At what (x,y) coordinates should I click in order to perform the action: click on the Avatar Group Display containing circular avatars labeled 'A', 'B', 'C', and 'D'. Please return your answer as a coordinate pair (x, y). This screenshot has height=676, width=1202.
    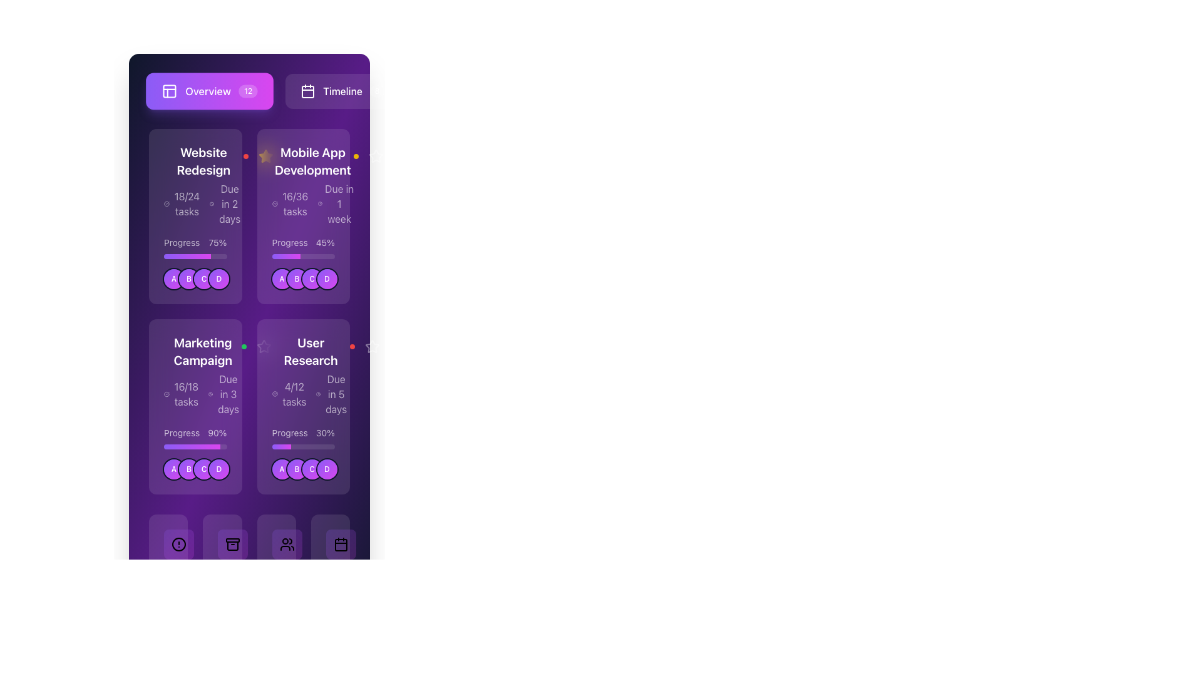
    Looking at the image, I should click on (195, 469).